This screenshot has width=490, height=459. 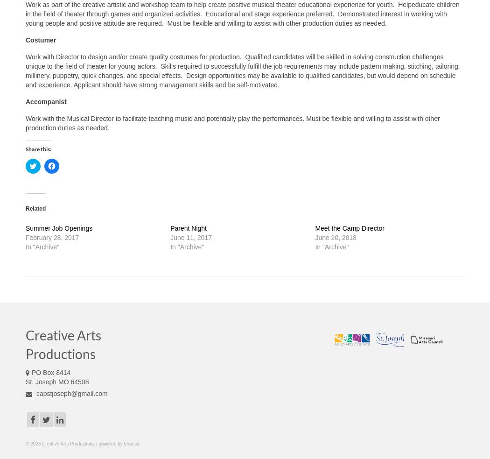 What do you see at coordinates (25, 343) in the screenshot?
I see `'Creative Arts Productions'` at bounding box center [25, 343].